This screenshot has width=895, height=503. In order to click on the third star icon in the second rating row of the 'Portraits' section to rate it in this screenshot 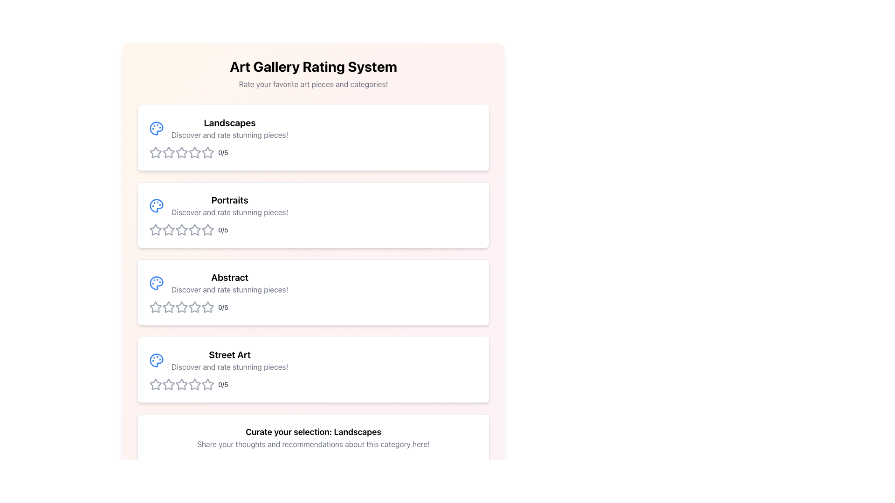, I will do `click(207, 230)`.